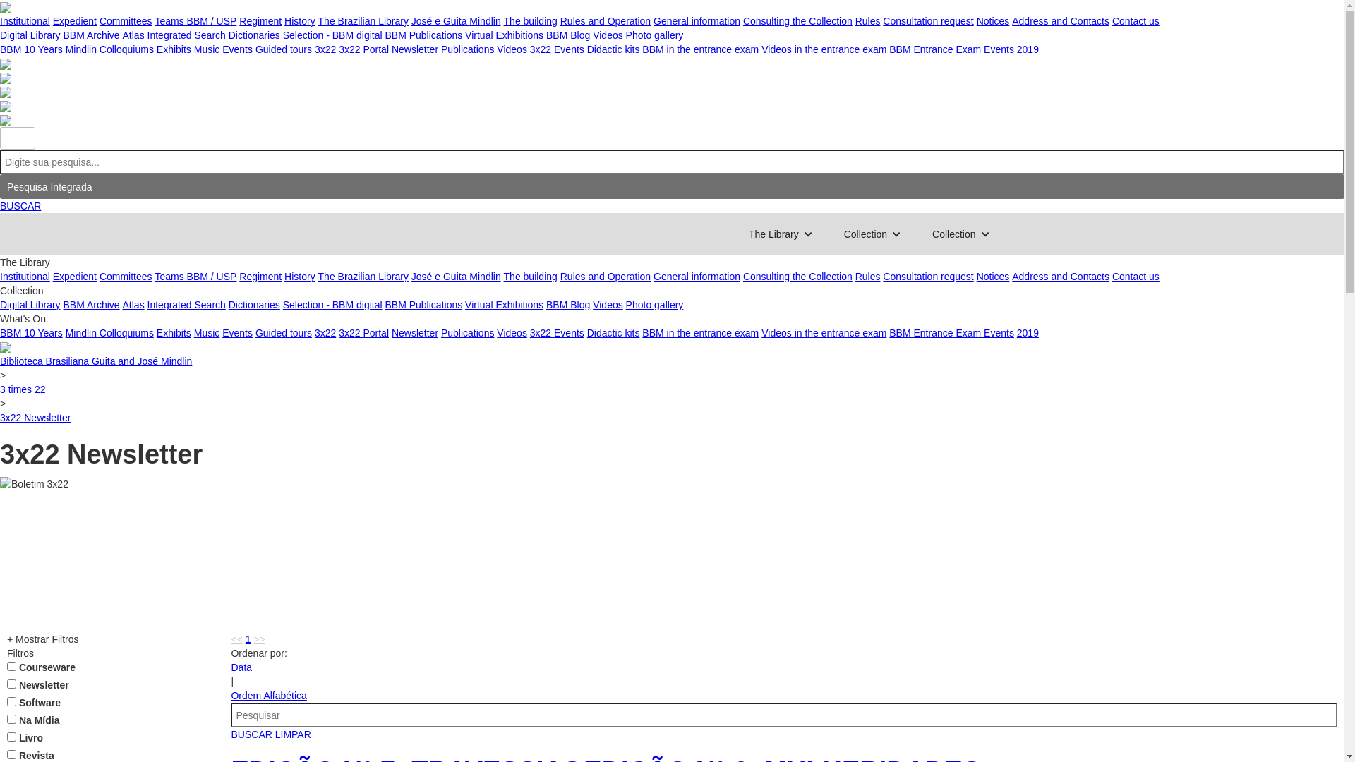 The image size is (1355, 762). What do you see at coordinates (248, 639) in the screenshot?
I see `'1'` at bounding box center [248, 639].